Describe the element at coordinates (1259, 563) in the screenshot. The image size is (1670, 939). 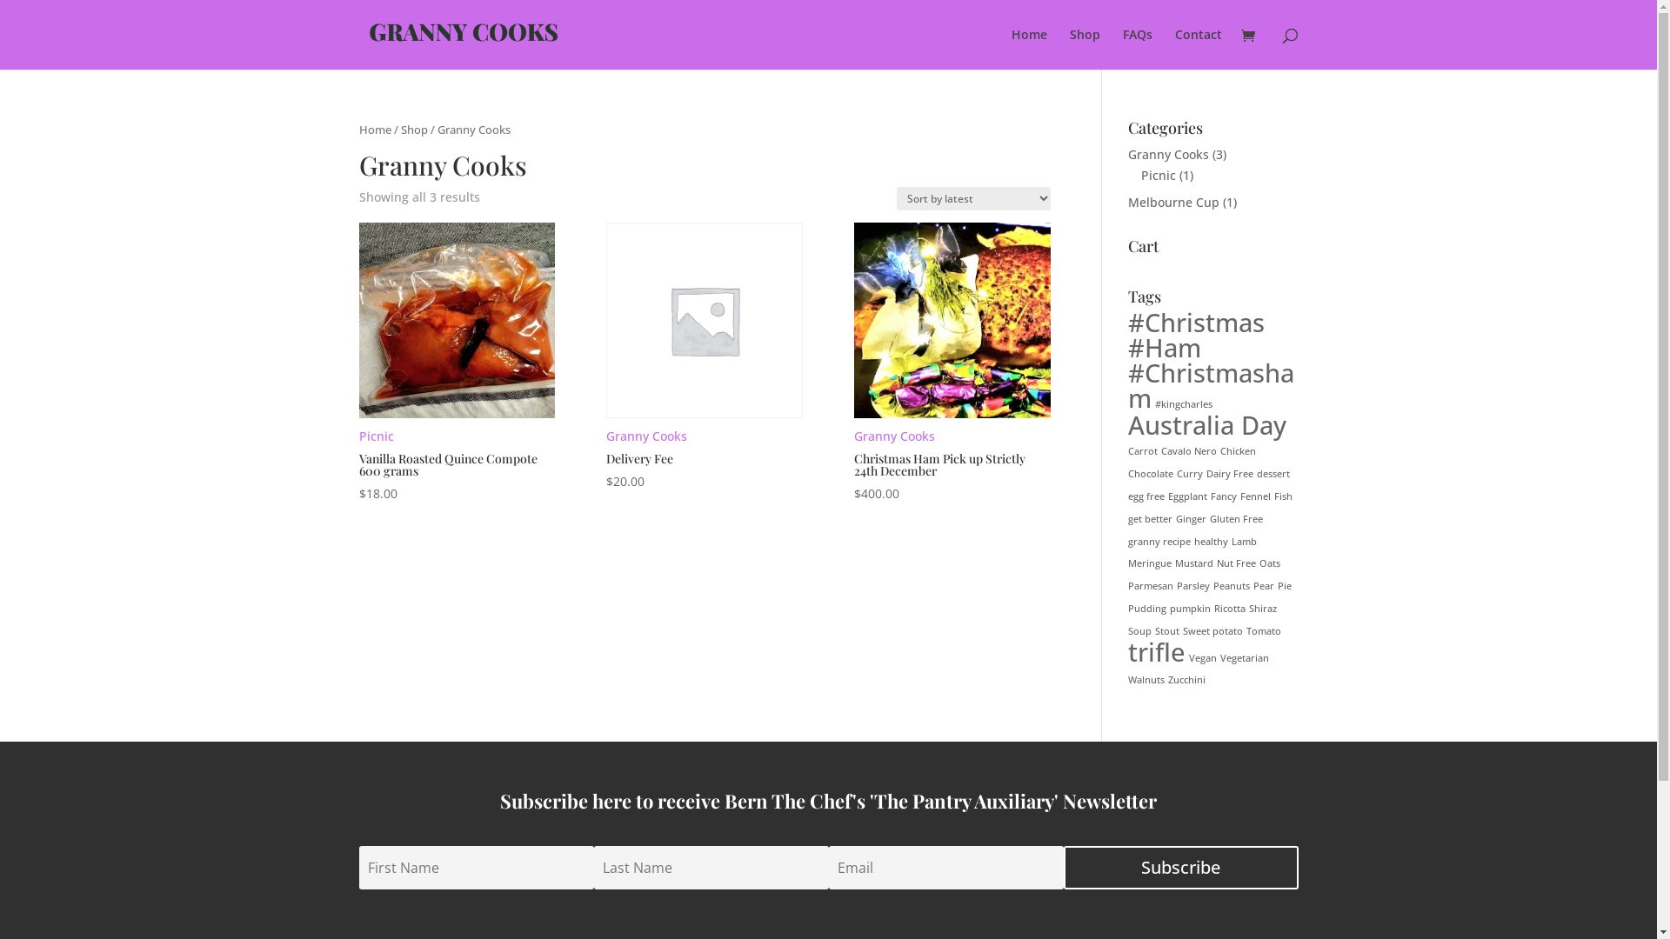
I see `'Oats'` at that location.